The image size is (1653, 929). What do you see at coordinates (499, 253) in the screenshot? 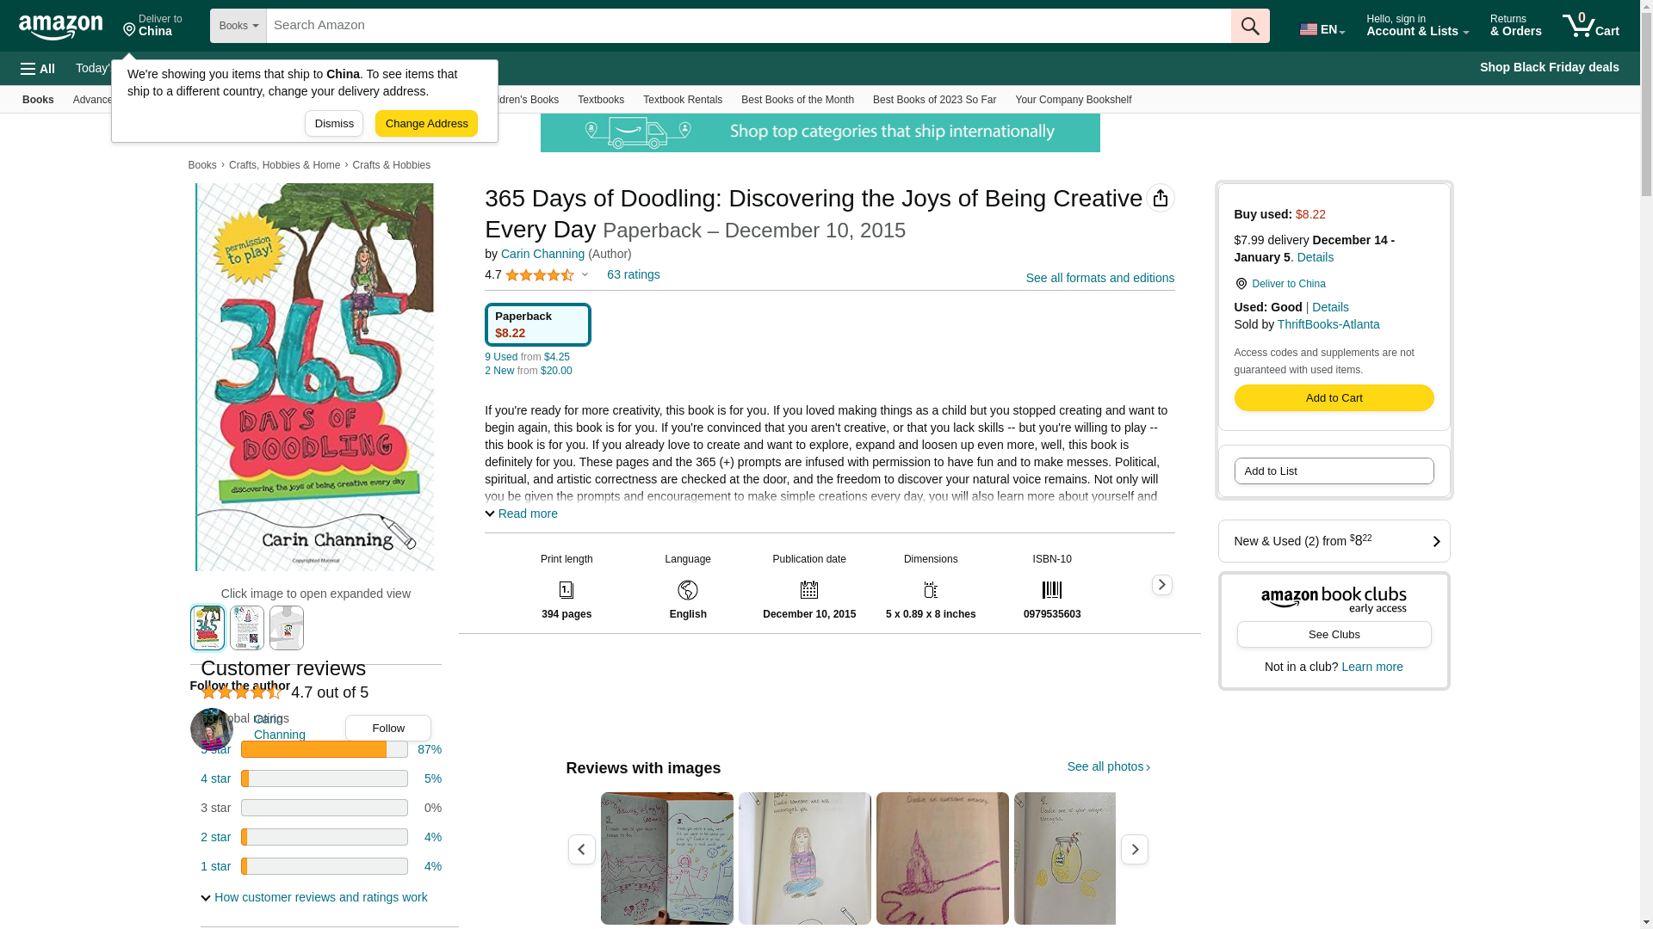
I see `'Carin Channing'` at bounding box center [499, 253].